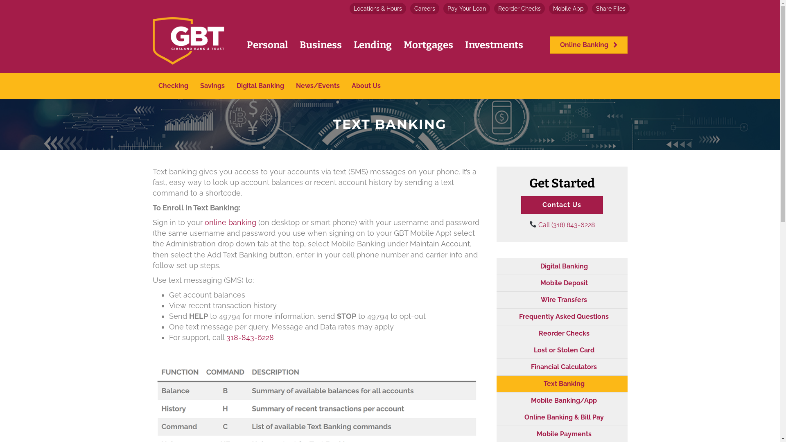  What do you see at coordinates (561, 205) in the screenshot?
I see `'Contact Us'` at bounding box center [561, 205].